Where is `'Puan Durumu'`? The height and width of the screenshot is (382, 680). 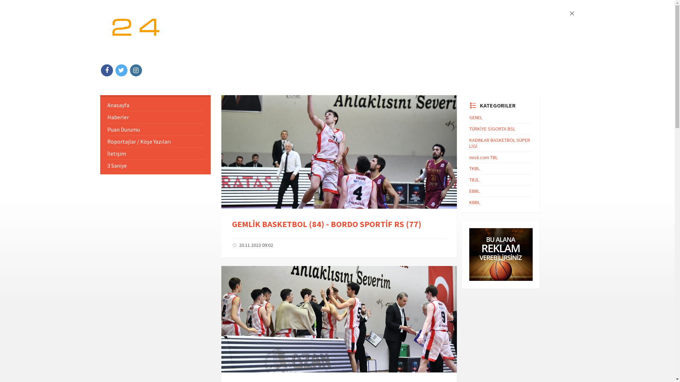
'Puan Durumu' is located at coordinates (155, 129).